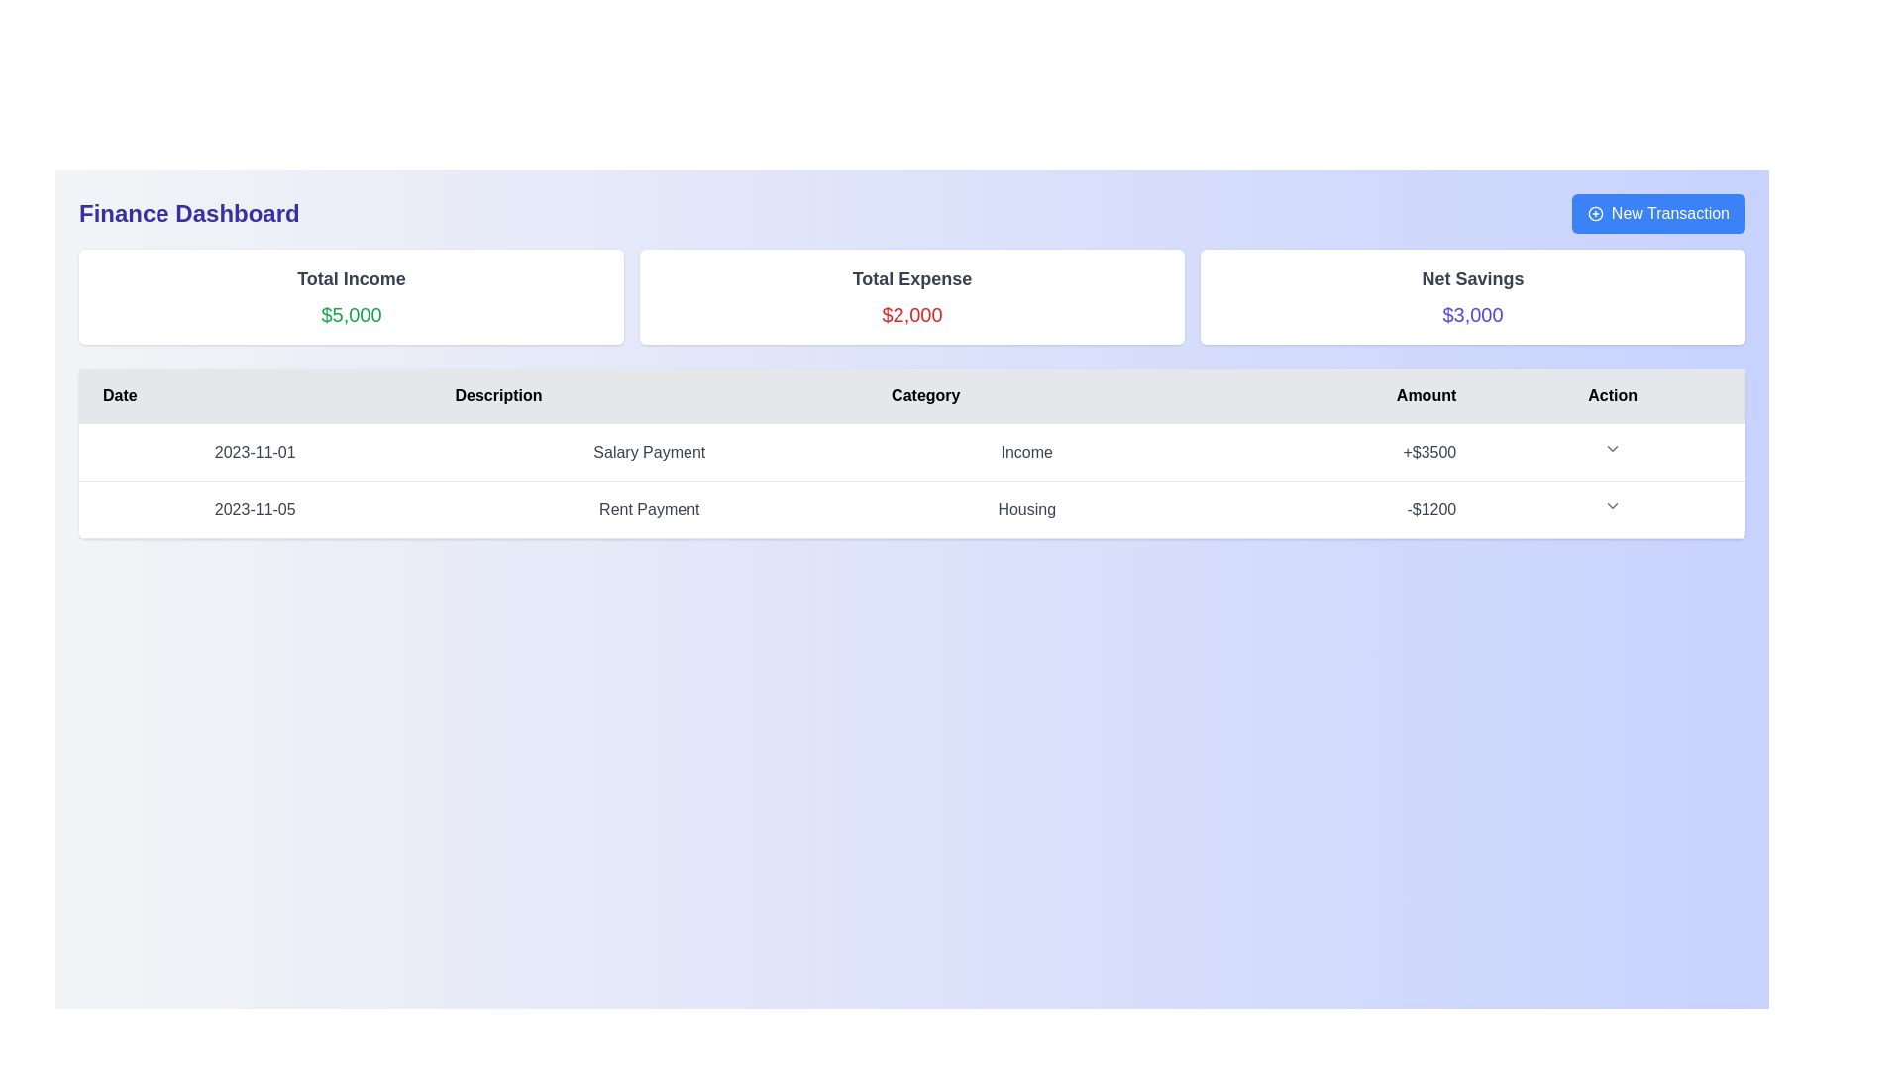  I want to click on the Table header row which contains the texts 'Date', 'Description', 'Category', 'Amount', and 'Action' and has a light gray background, so click(911, 396).